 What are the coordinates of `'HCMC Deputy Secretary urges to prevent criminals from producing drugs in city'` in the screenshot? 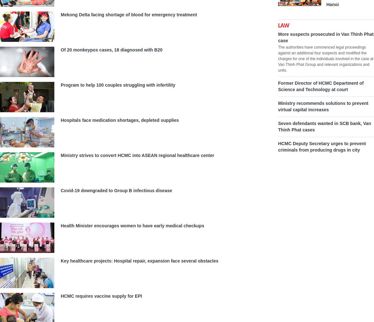 It's located at (322, 146).